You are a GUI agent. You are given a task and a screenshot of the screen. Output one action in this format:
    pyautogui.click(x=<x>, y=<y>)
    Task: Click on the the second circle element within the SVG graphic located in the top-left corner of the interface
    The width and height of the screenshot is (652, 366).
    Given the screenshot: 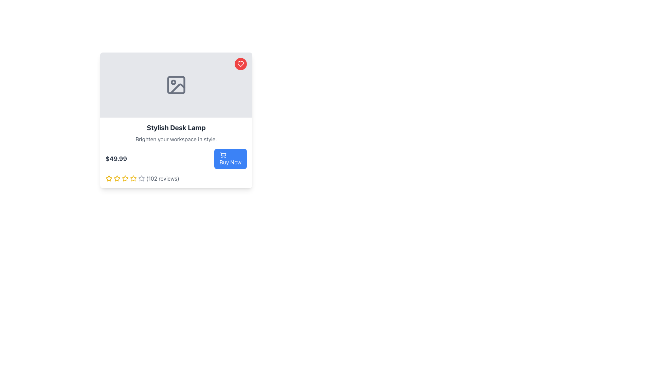 What is the action you would take?
    pyautogui.click(x=173, y=82)
    